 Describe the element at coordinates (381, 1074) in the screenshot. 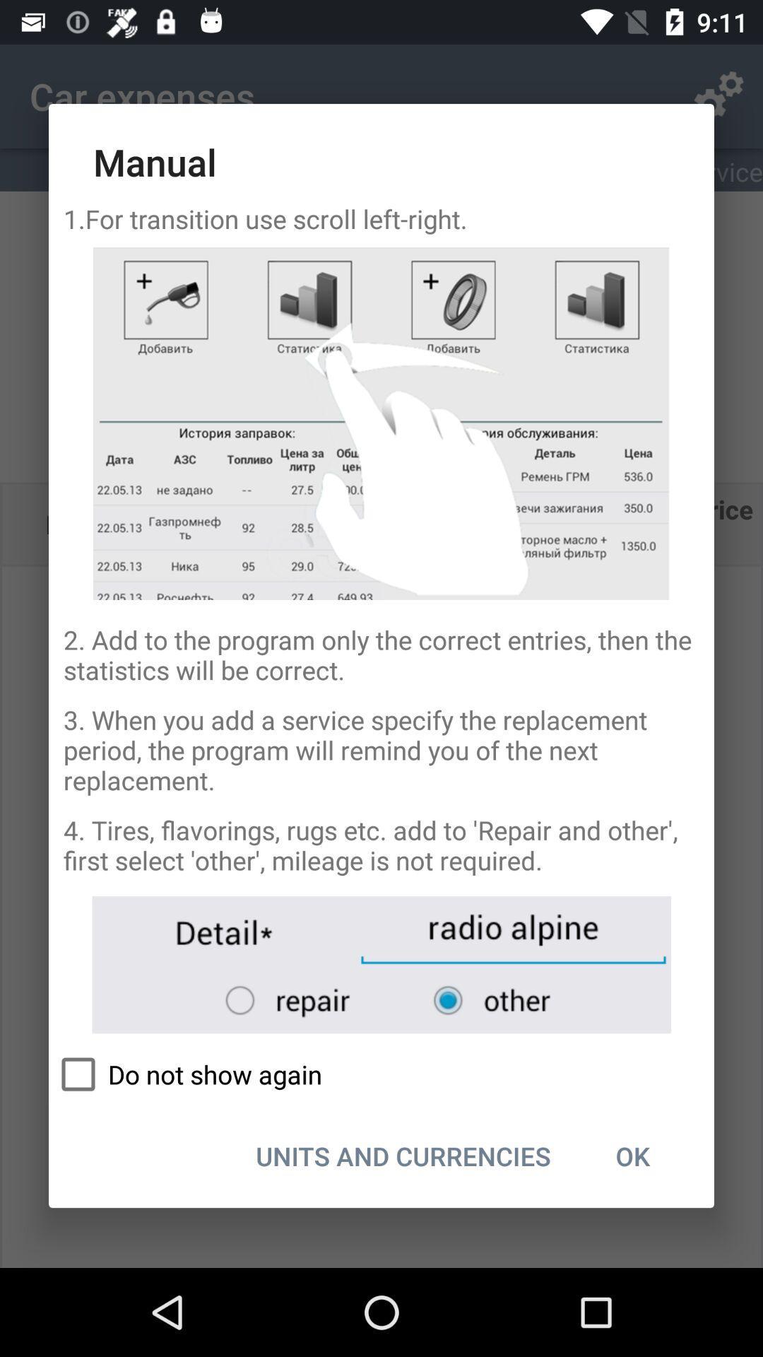

I see `do not show` at that location.